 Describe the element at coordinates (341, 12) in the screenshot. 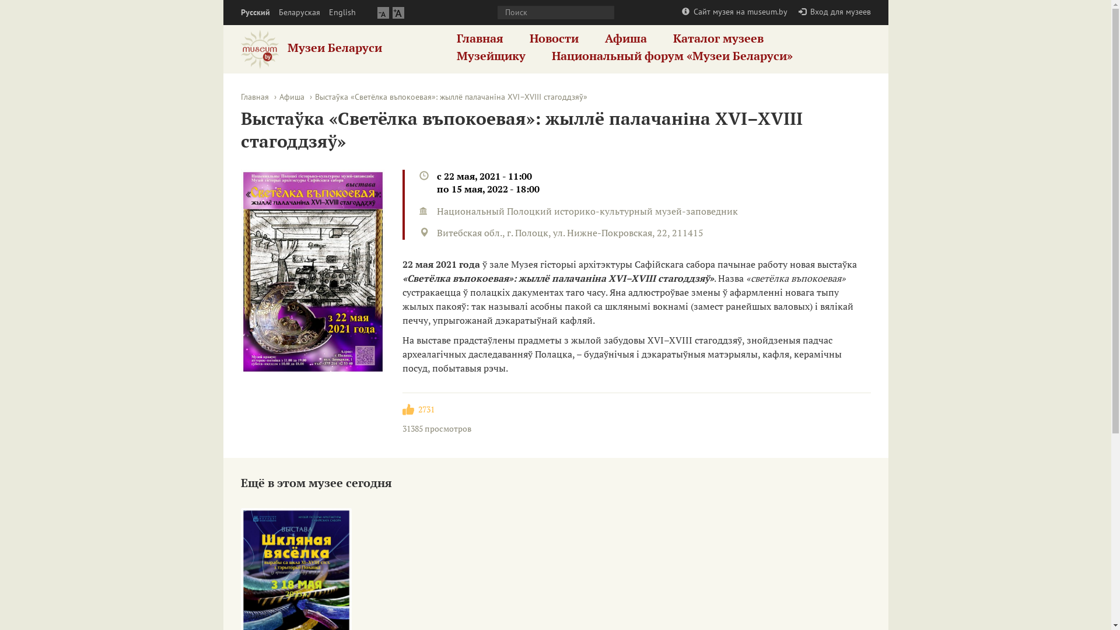

I see `'English'` at that location.